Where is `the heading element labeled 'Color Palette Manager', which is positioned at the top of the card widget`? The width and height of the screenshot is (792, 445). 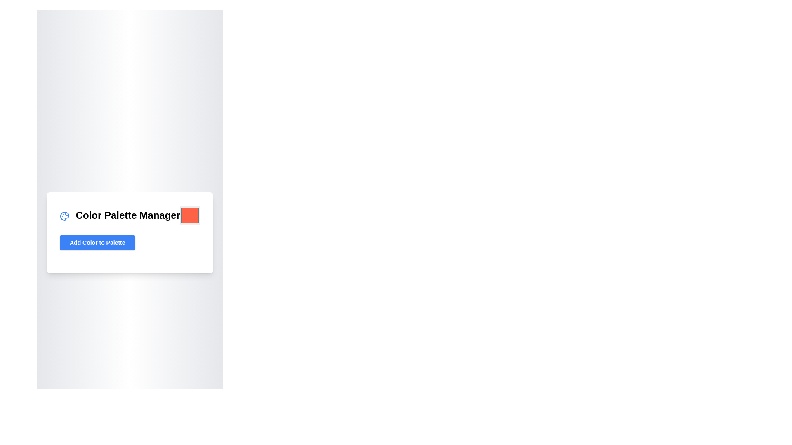 the heading element labeled 'Color Palette Manager', which is positioned at the top of the card widget is located at coordinates (130, 215).